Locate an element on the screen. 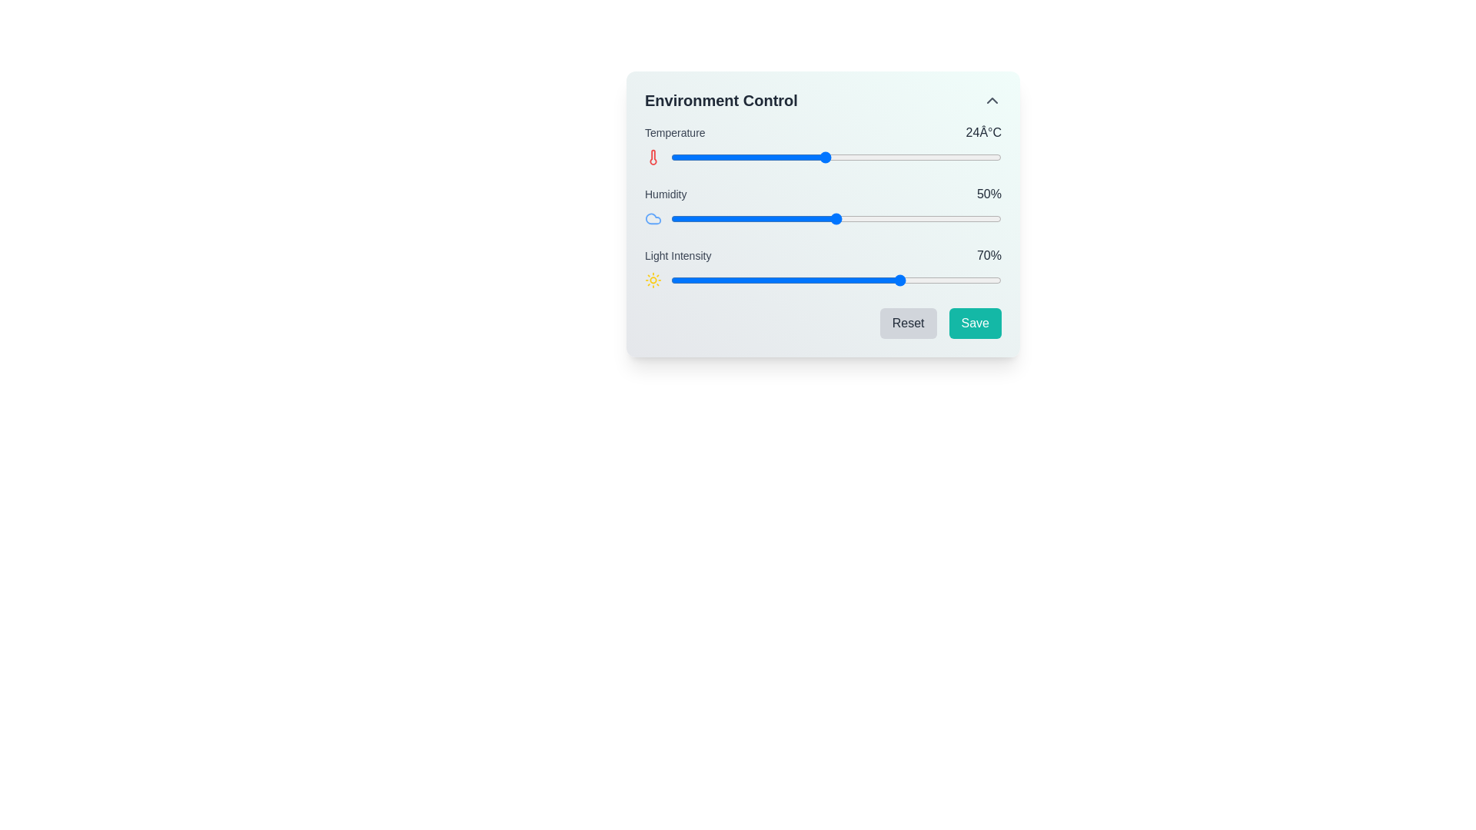  temperature is located at coordinates (891, 157).